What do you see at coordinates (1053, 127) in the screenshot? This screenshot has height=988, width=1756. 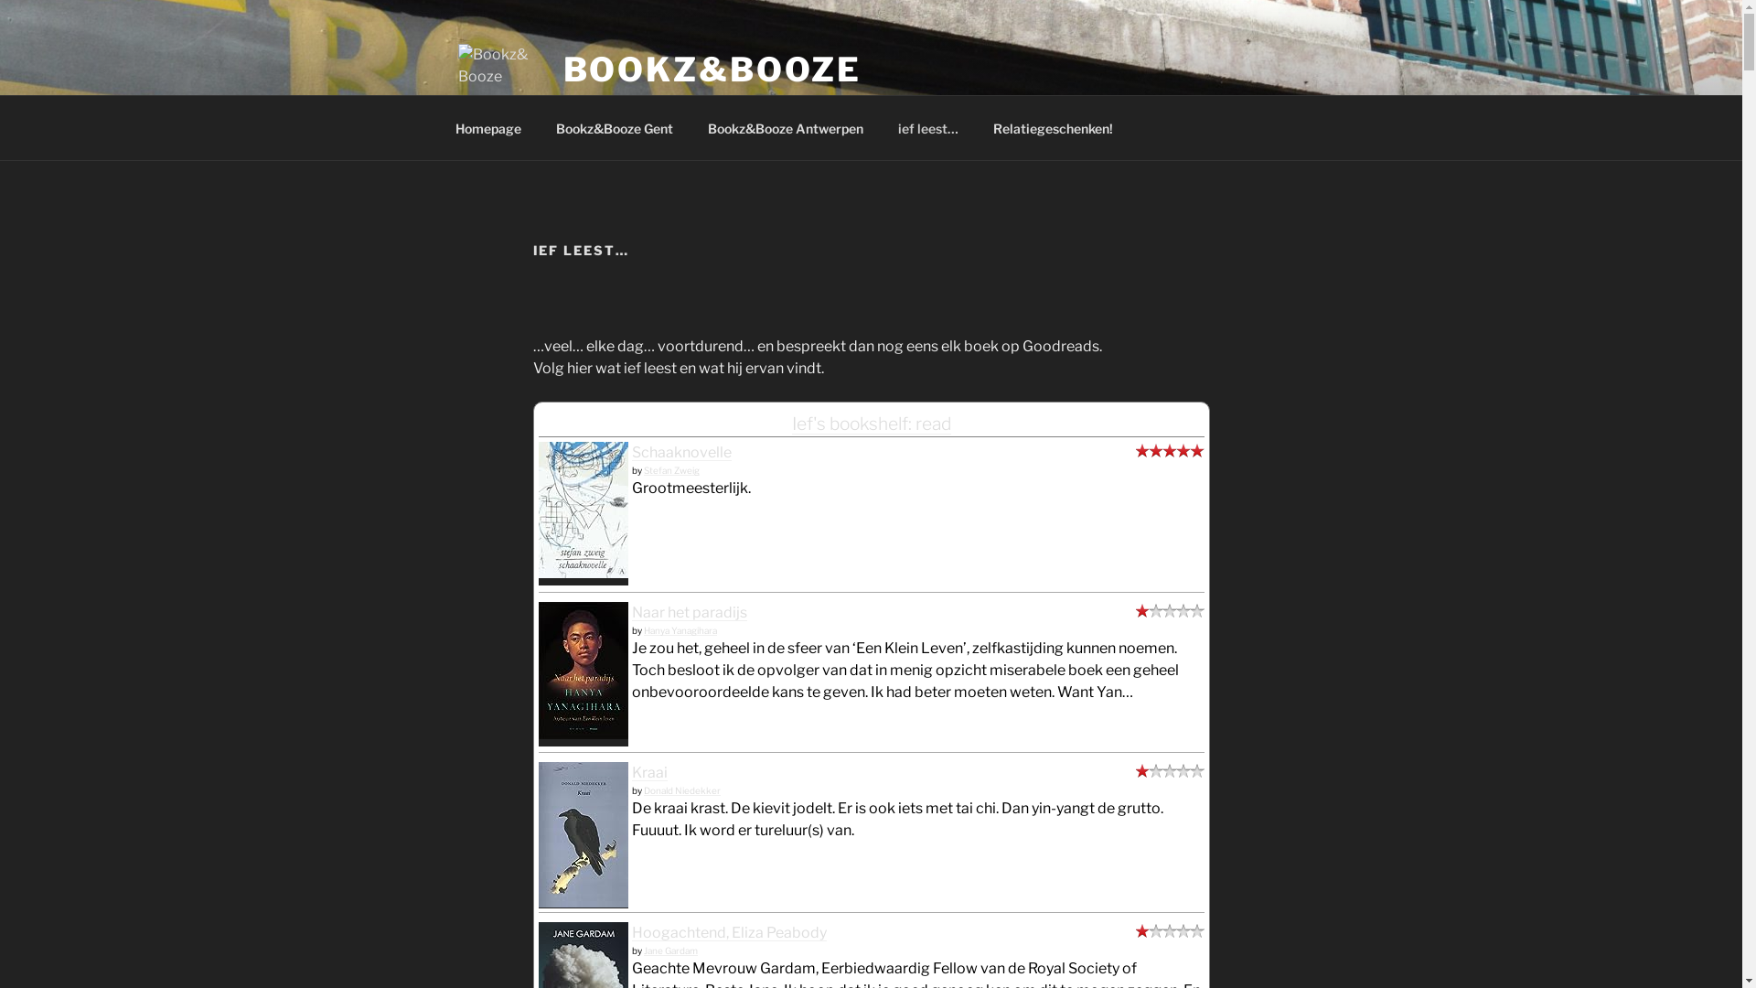 I see `'Relatiegeschenken!'` at bounding box center [1053, 127].